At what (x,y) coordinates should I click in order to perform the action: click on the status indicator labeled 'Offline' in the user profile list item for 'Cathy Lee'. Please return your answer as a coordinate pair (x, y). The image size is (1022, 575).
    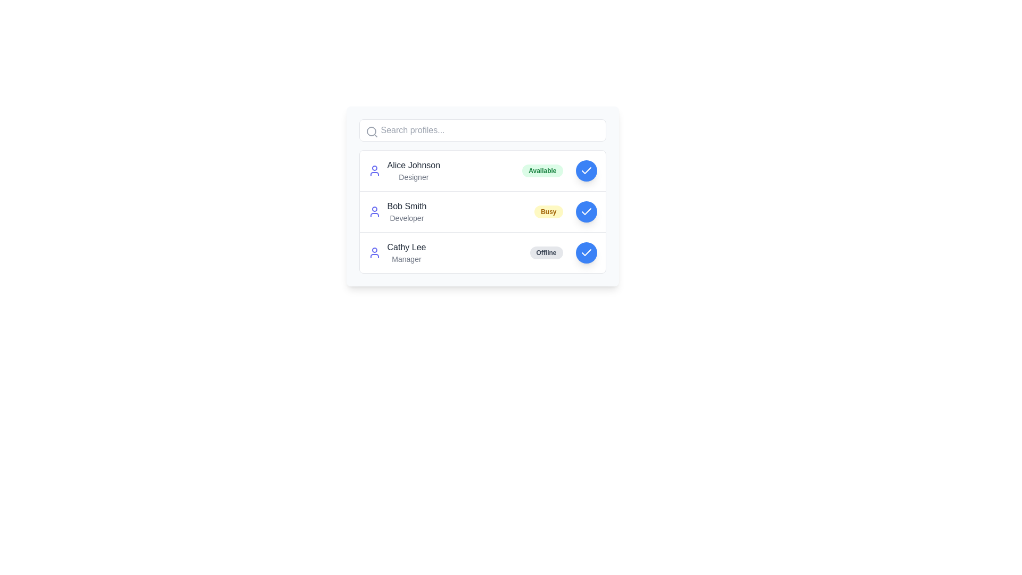
    Looking at the image, I should click on (482, 252).